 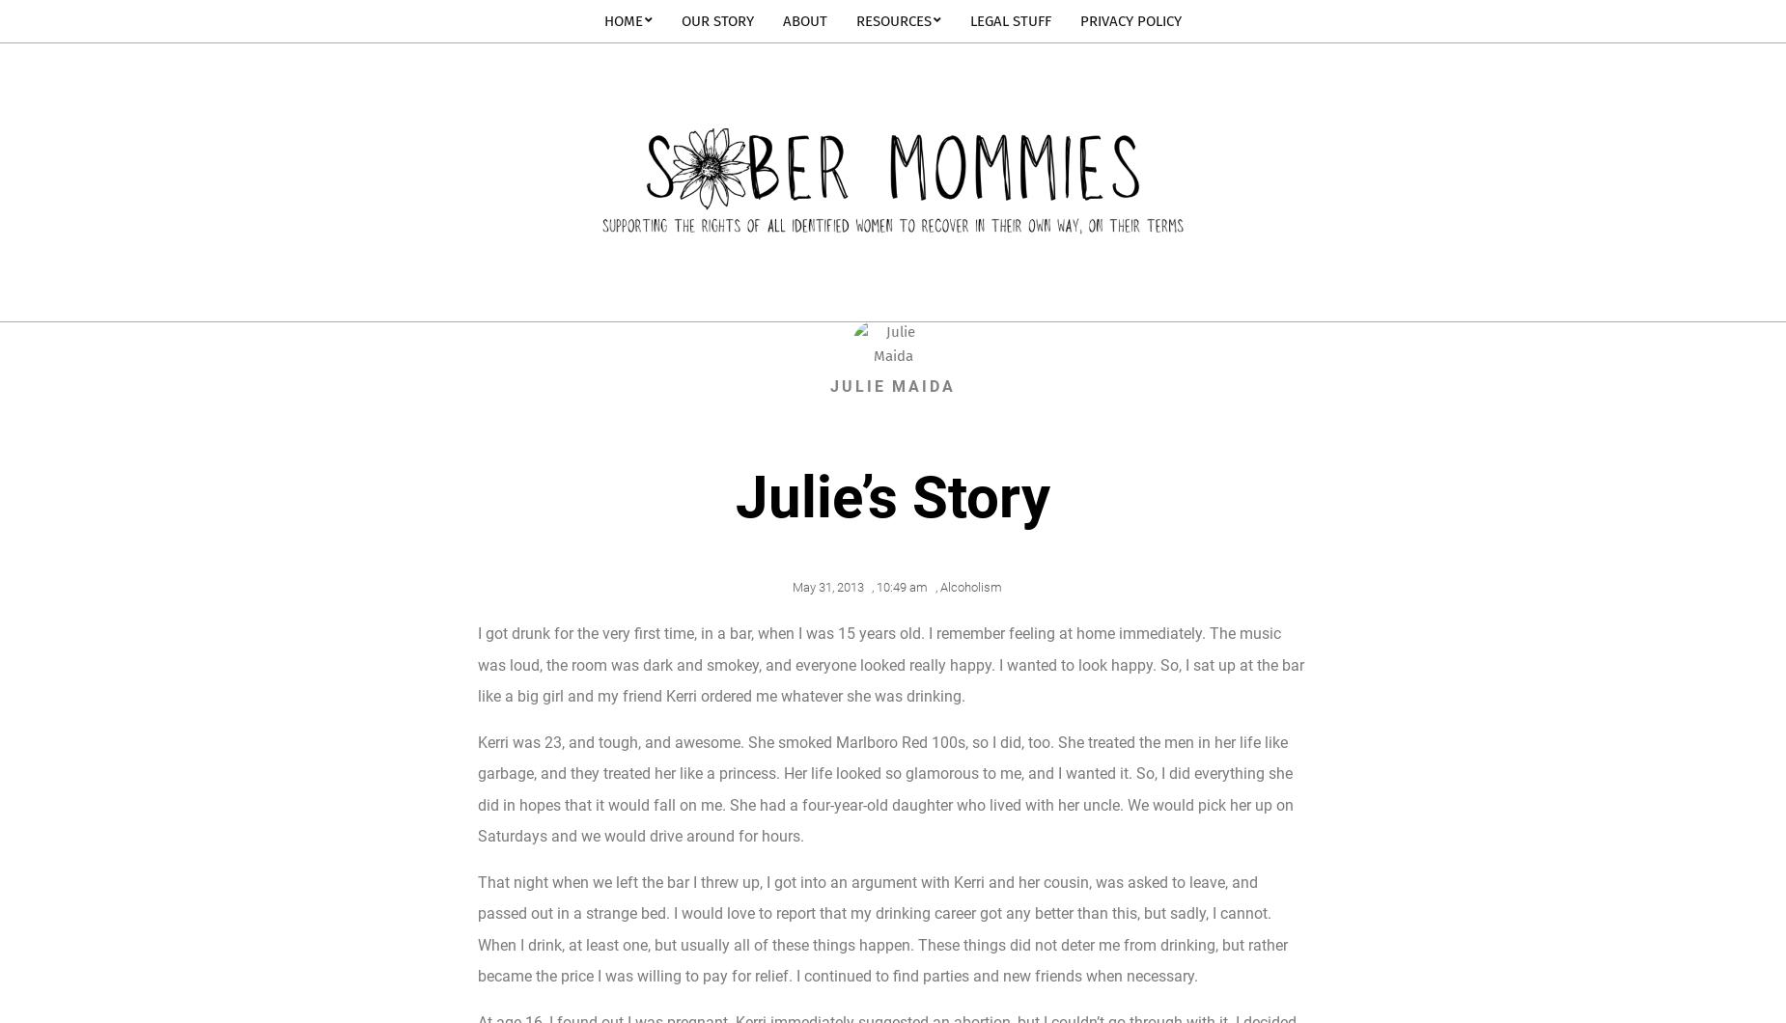 What do you see at coordinates (717, 21) in the screenshot?
I see `'OUR STORY'` at bounding box center [717, 21].